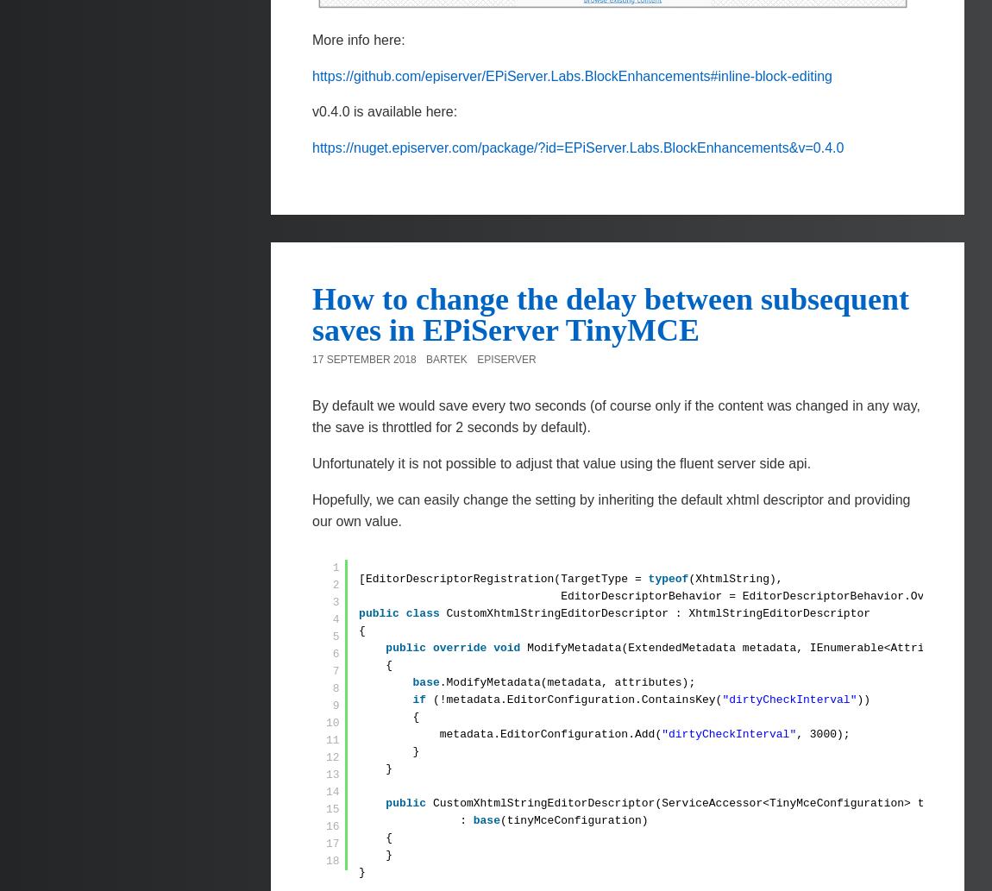  What do you see at coordinates (336, 601) in the screenshot?
I see `'3'` at bounding box center [336, 601].